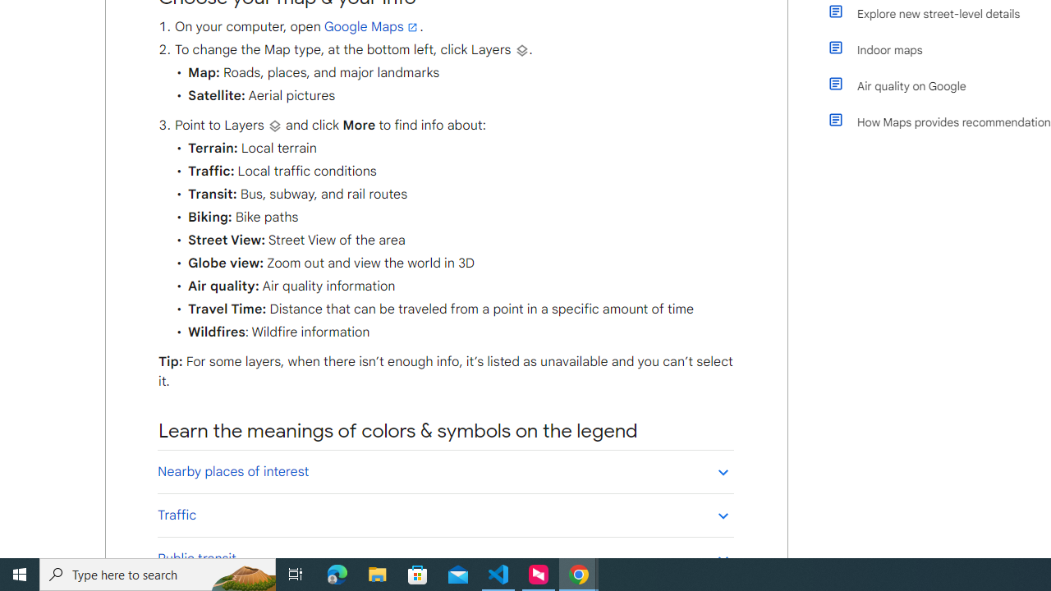 This screenshot has height=591, width=1051. I want to click on 'Google Maps', so click(371, 27).